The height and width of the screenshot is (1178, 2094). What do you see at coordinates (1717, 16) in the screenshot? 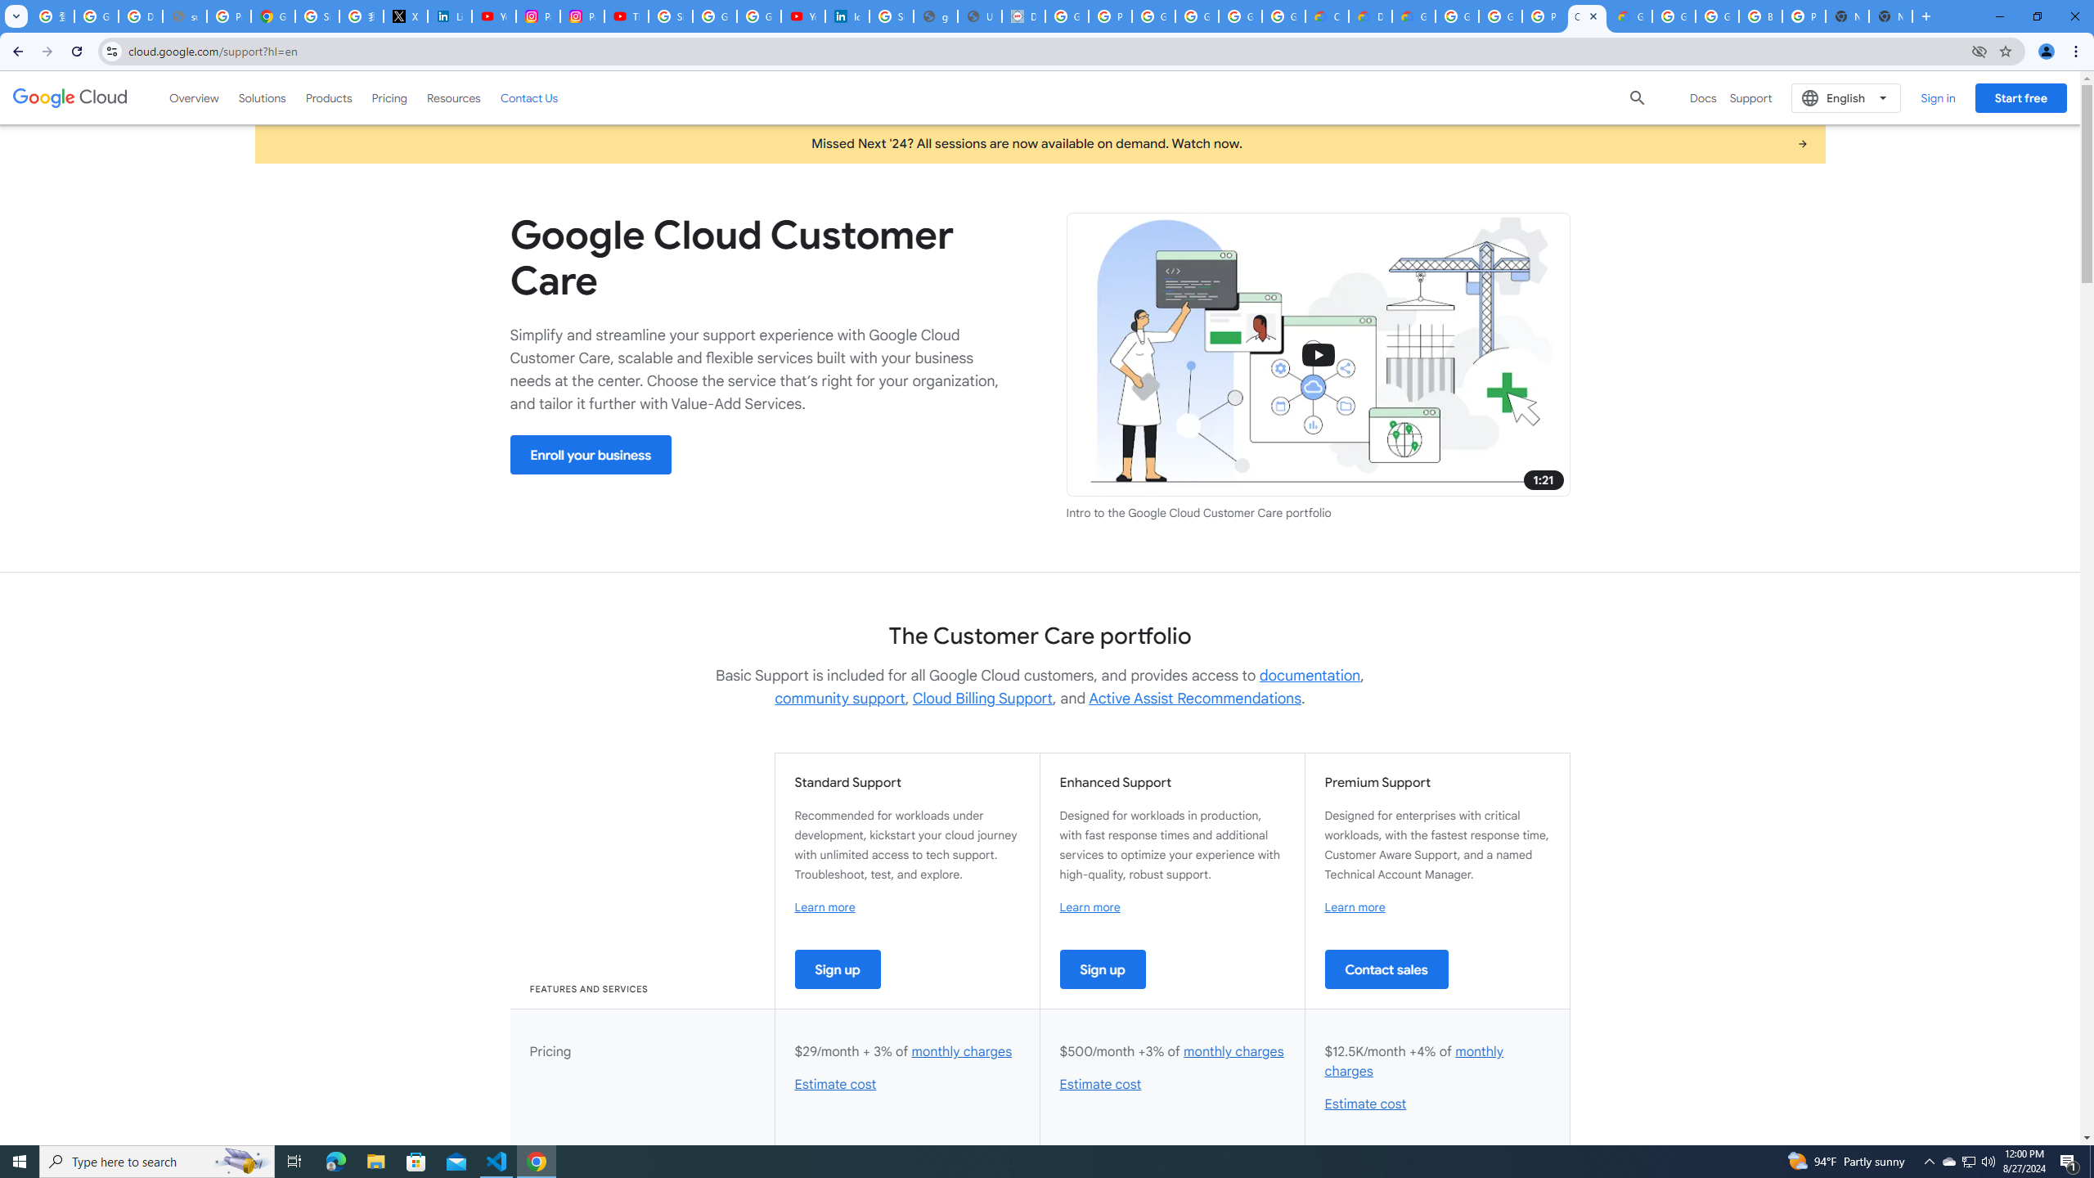
I see `'Google Cloud Platform'` at bounding box center [1717, 16].